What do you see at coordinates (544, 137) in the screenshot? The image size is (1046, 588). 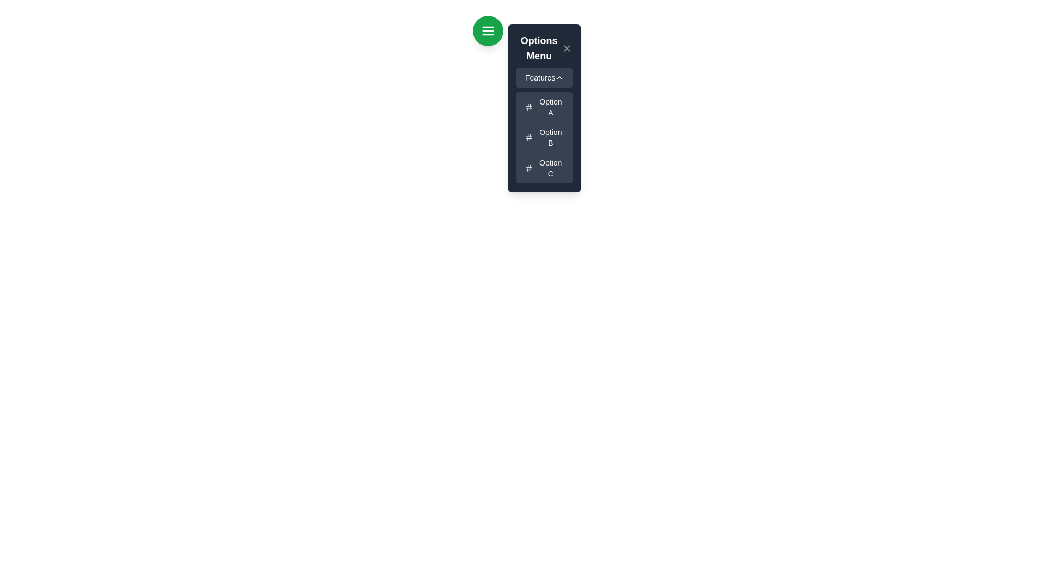 I see `the hyperlink that navigates to 'https://example.com/item2' located in the vertical menu under the 'Features' section, positioned second from the top` at bounding box center [544, 137].